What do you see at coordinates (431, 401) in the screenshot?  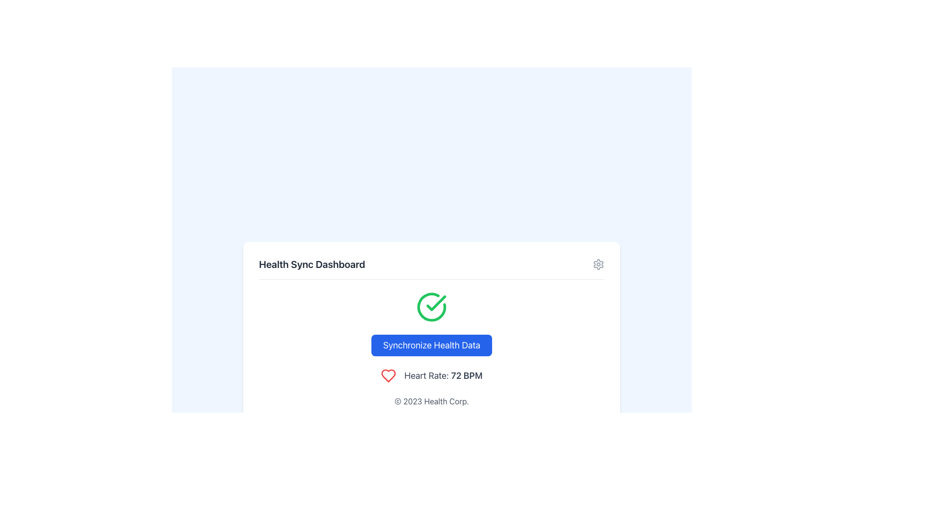 I see `the static text label displaying '© 2023 Health Corp.' which is centrally aligned in the footer section of the interface` at bounding box center [431, 401].